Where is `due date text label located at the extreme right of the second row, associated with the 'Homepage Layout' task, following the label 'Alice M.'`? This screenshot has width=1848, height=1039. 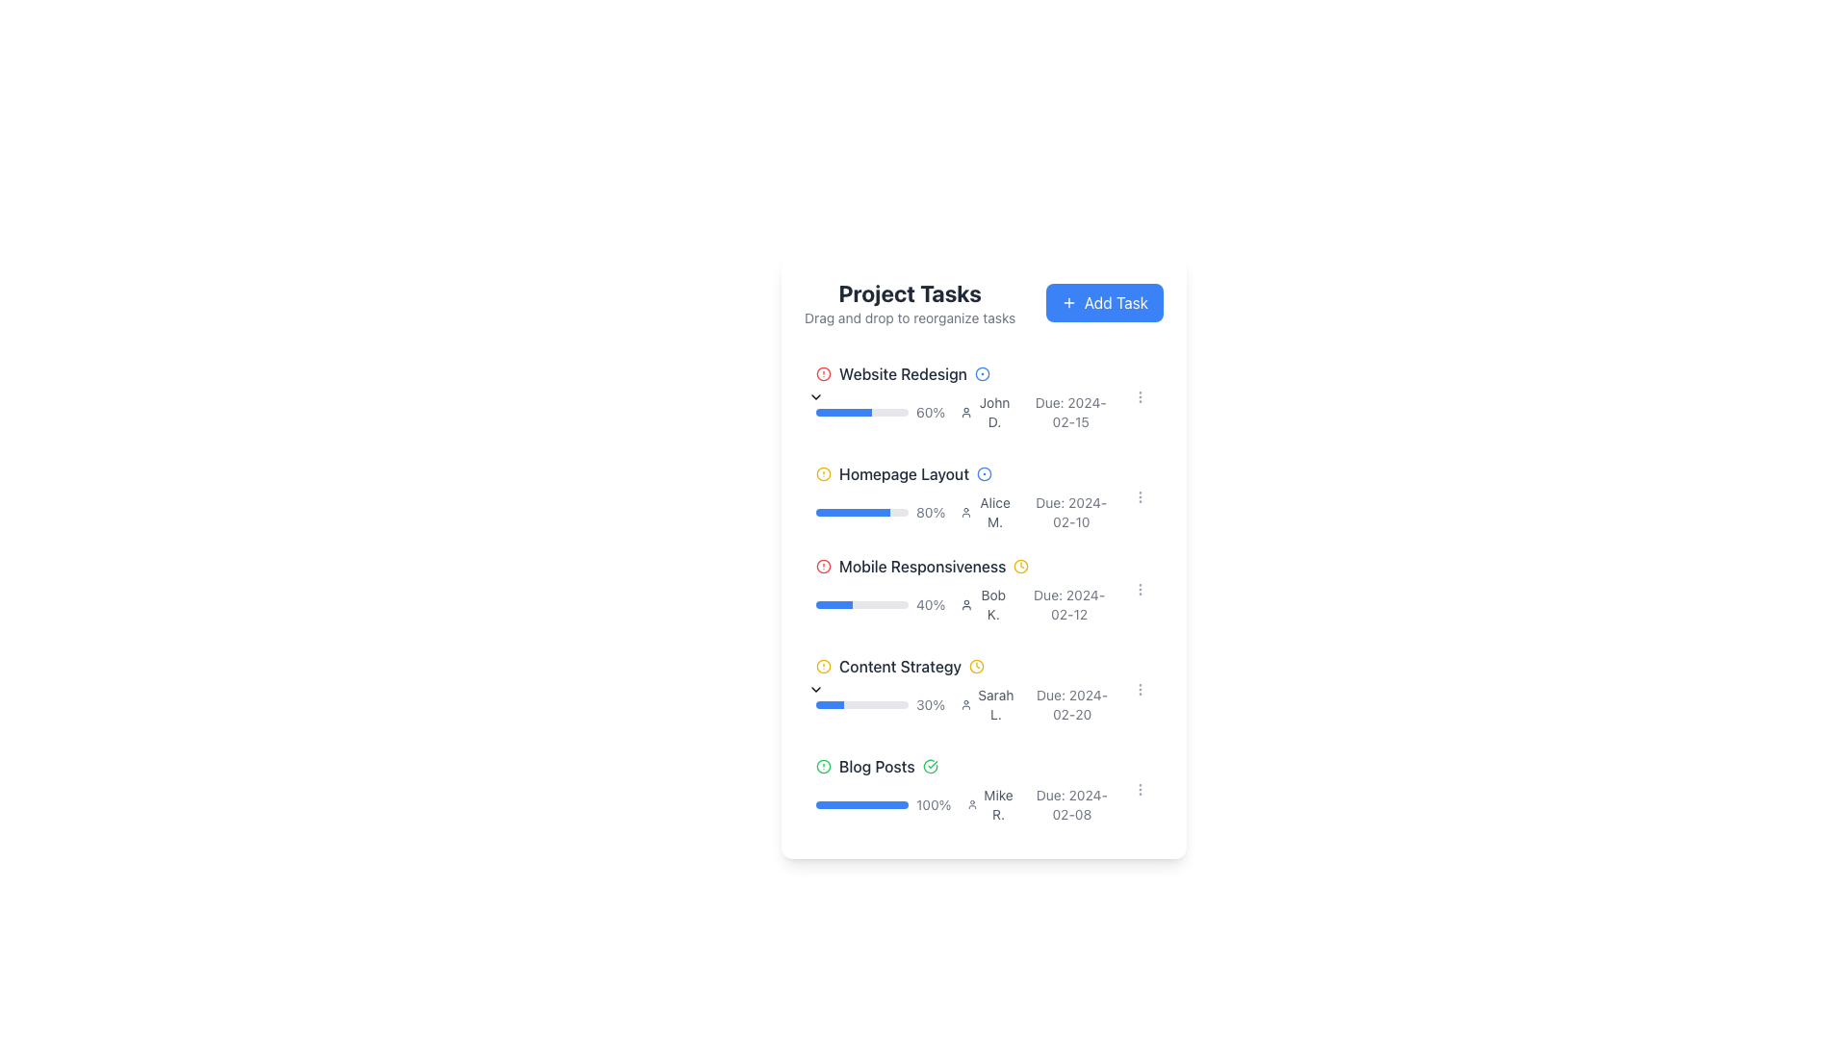
due date text label located at the extreme right of the second row, associated with the 'Homepage Layout' task, following the label 'Alice M.' is located at coordinates (1070, 511).